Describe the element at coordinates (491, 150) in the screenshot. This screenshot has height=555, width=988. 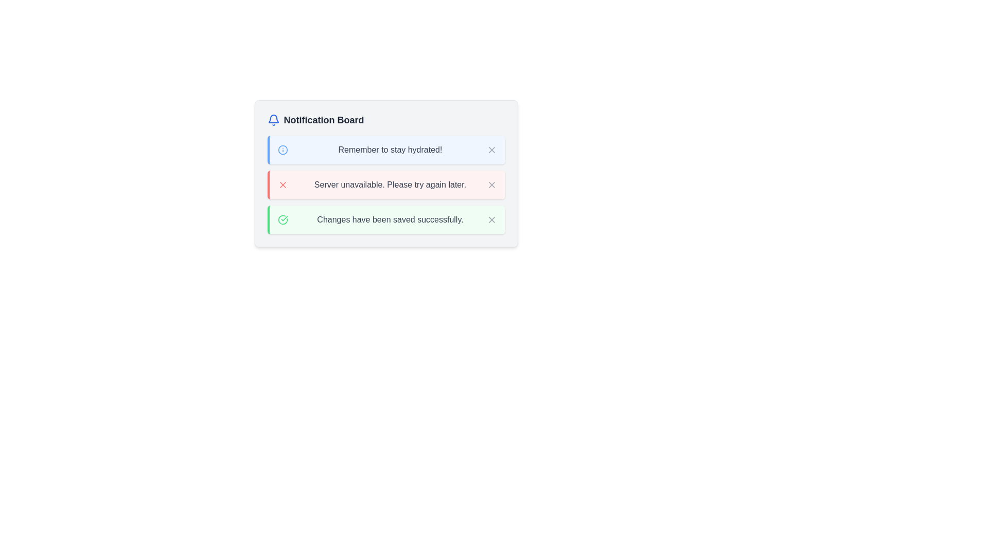
I see `the close button located in the top-right corner of the blue notification box labeled 'Remember to stay hydrated!'` at that location.